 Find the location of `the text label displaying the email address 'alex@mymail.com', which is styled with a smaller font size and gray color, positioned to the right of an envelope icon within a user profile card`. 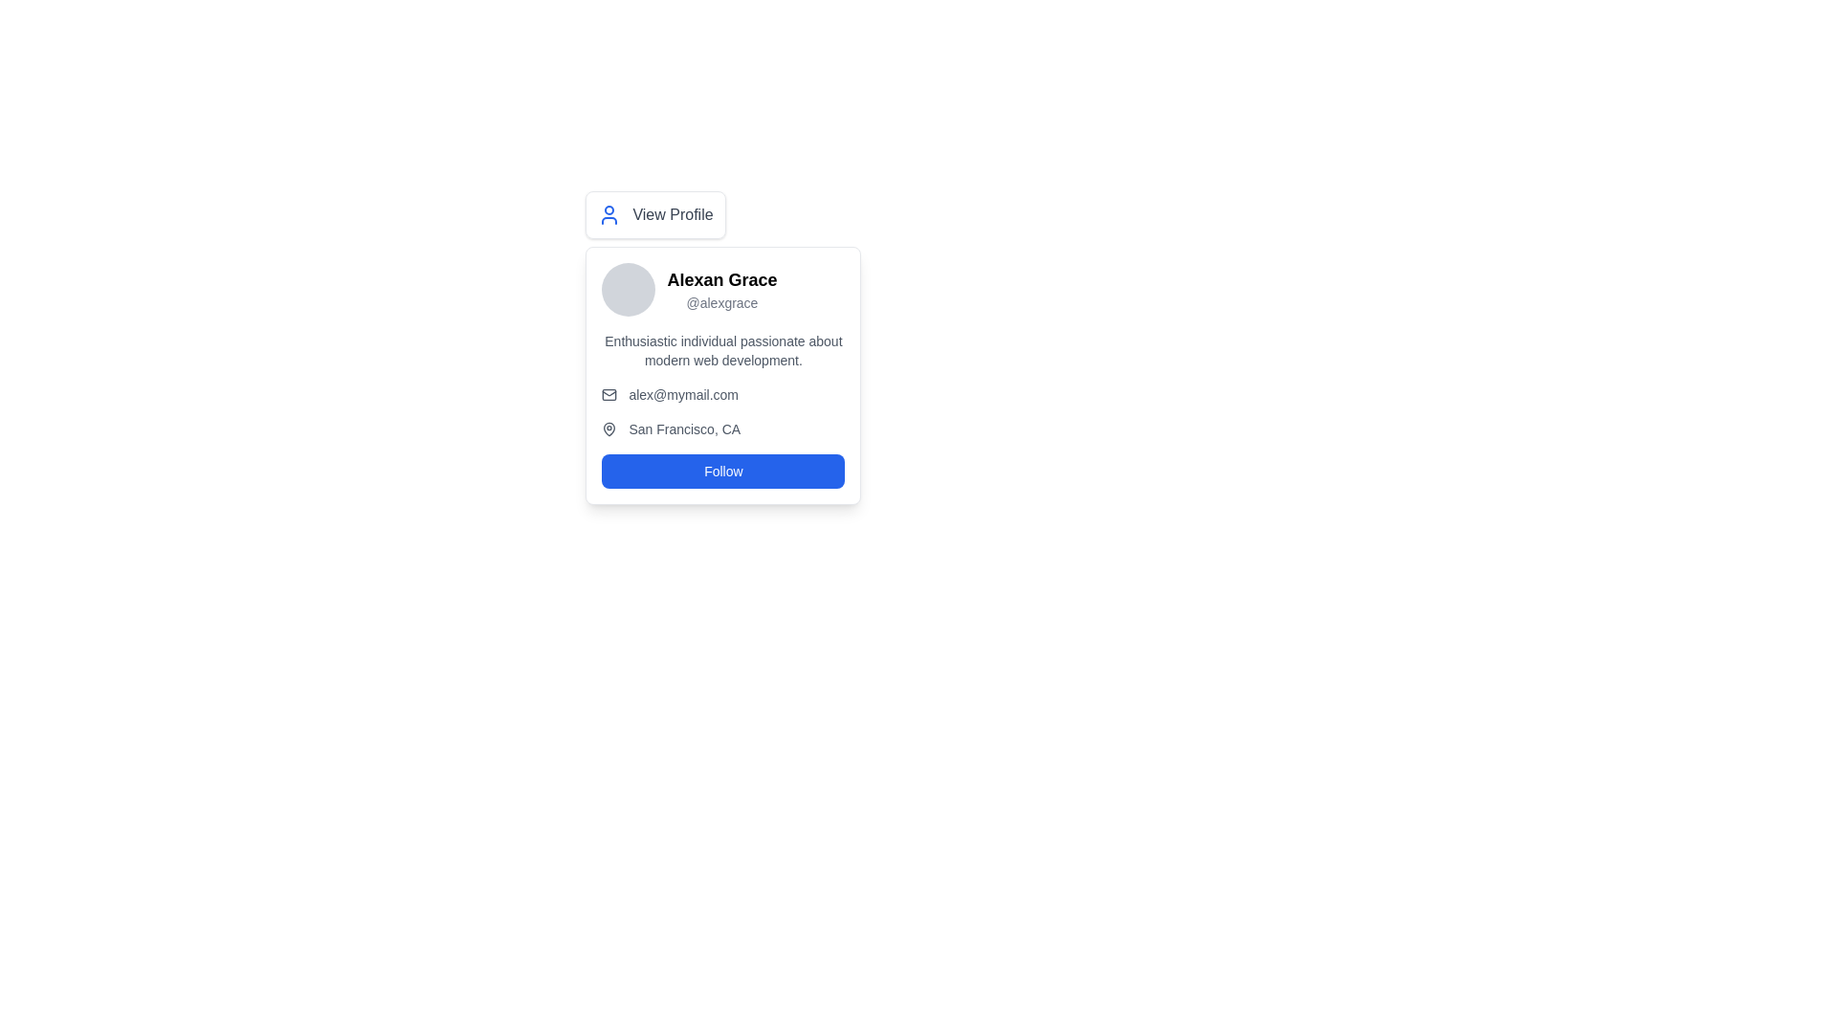

the text label displaying the email address 'alex@mymail.com', which is styled with a smaller font size and gray color, positioned to the right of an envelope icon within a user profile card is located at coordinates (683, 393).